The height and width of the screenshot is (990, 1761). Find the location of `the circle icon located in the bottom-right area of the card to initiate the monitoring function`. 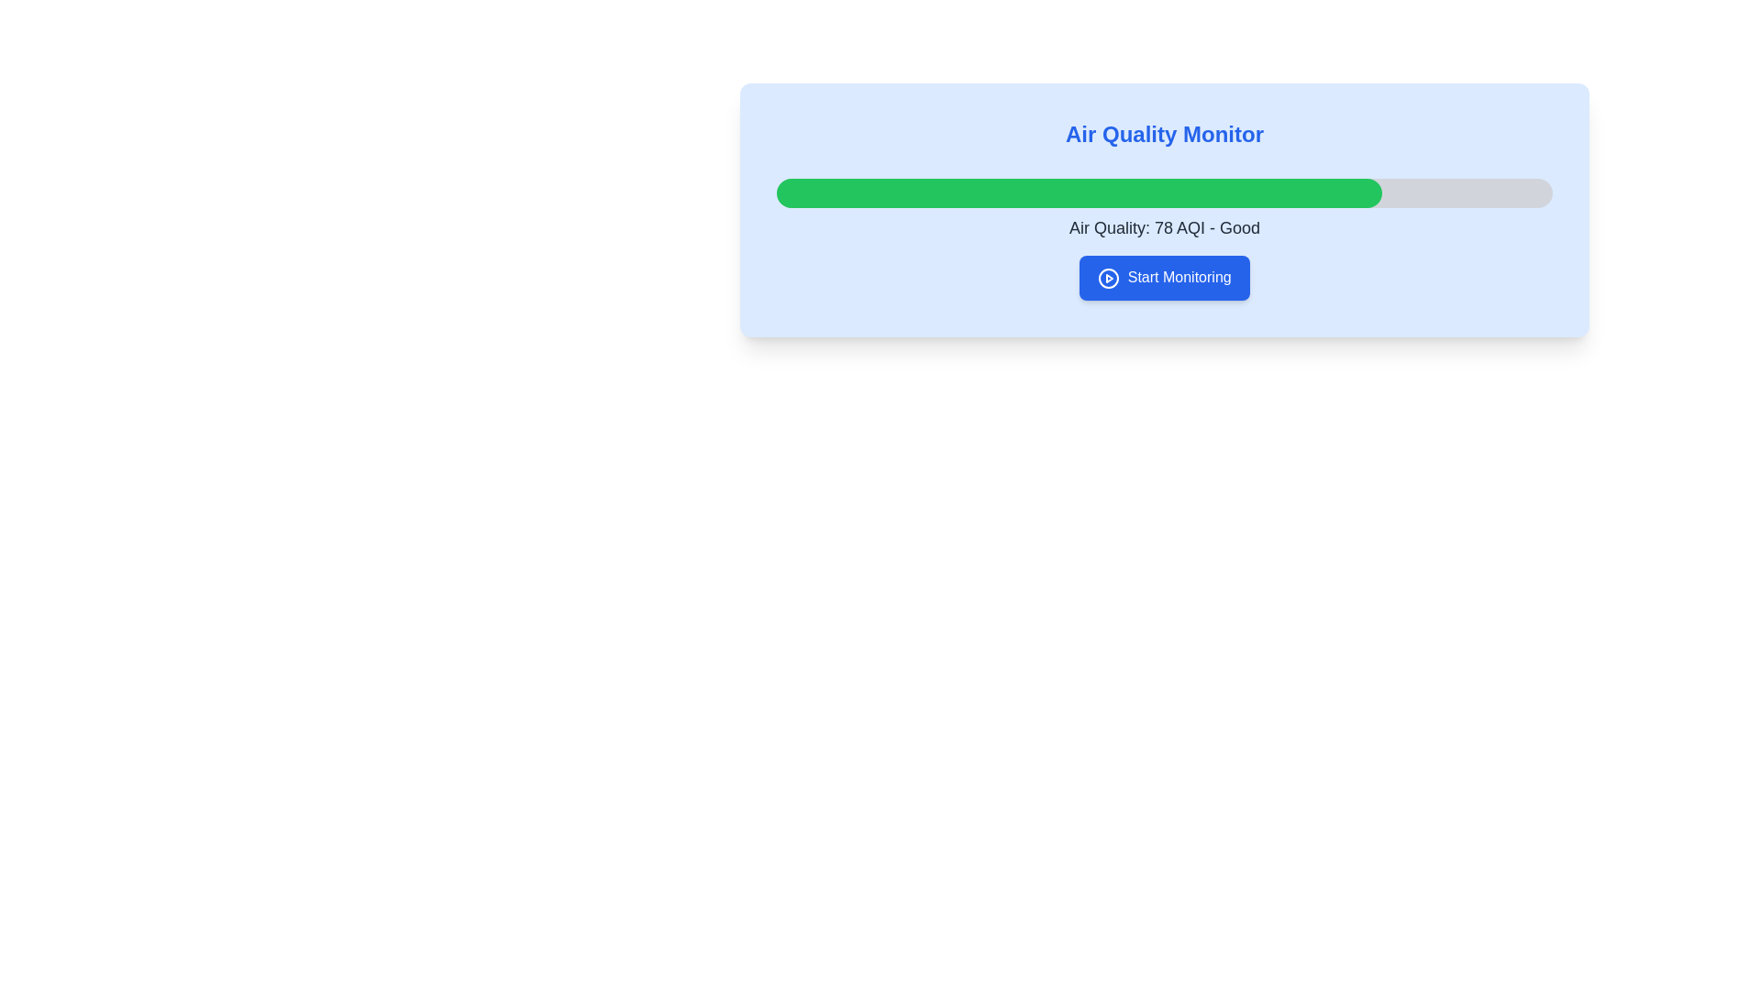

the circle icon located in the bottom-right area of the card to initiate the monitoring function is located at coordinates (1108, 278).